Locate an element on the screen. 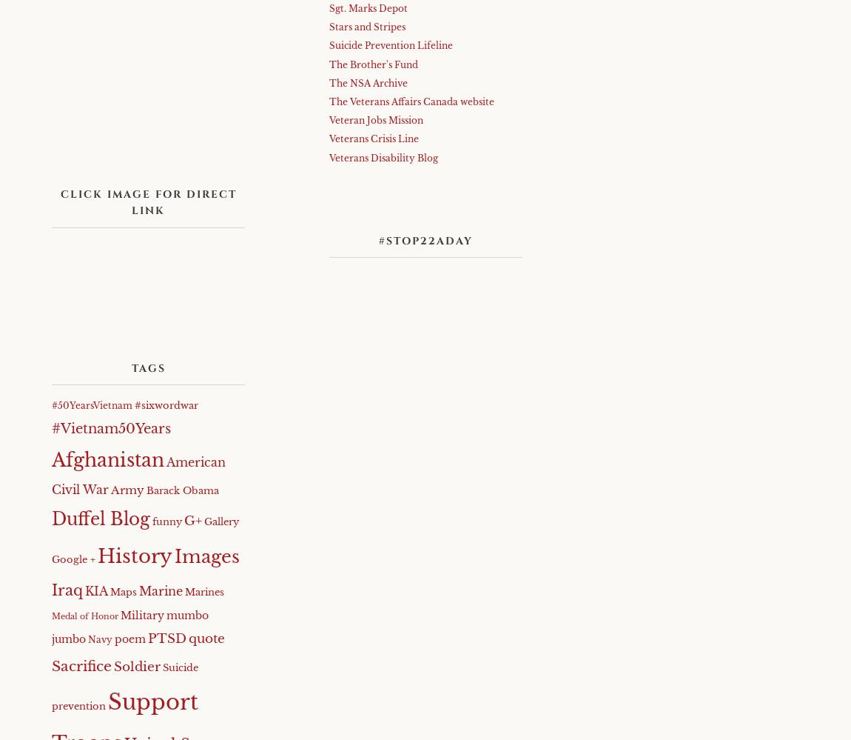  'The NSA Archive' is located at coordinates (368, 82).